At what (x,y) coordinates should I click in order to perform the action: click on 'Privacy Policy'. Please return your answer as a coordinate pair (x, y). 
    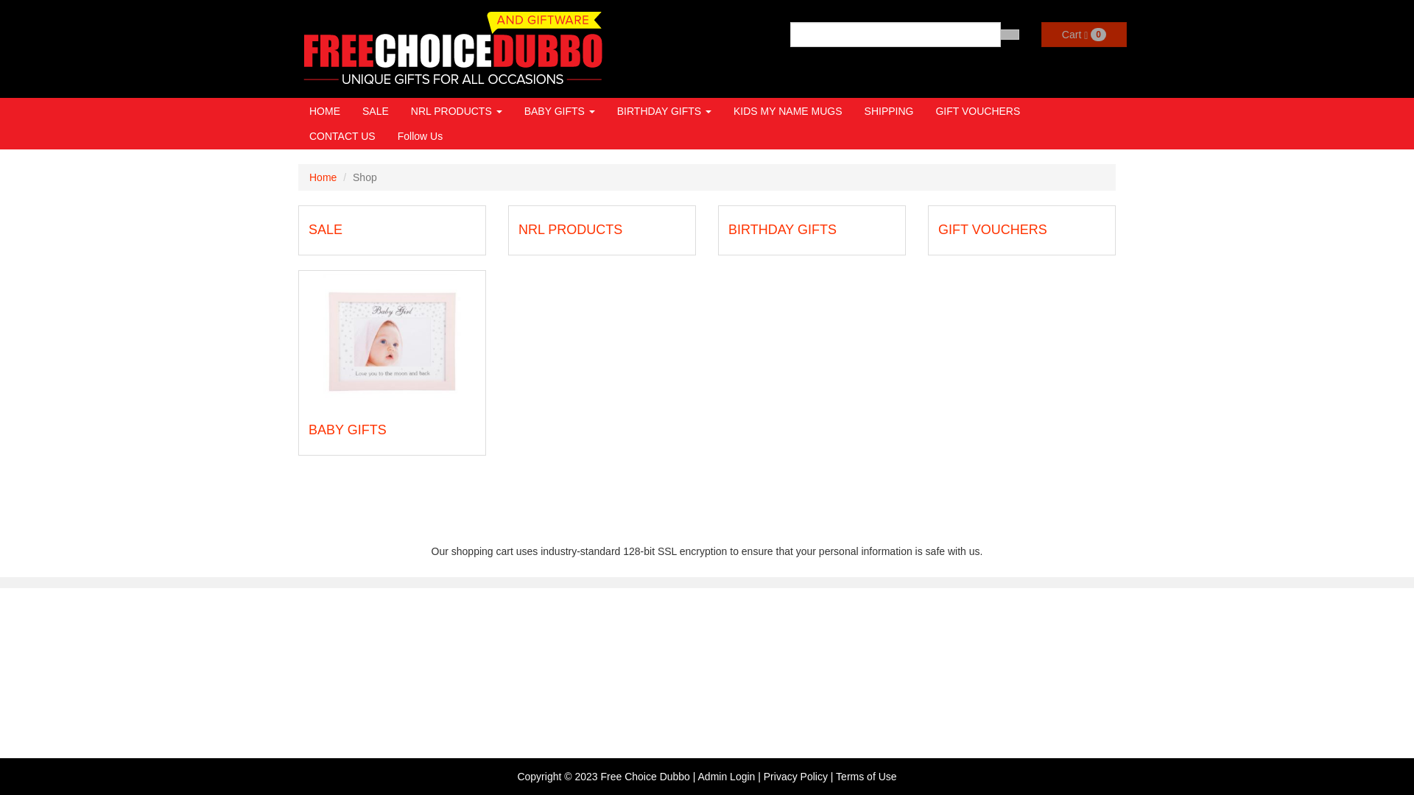
    Looking at the image, I should click on (795, 776).